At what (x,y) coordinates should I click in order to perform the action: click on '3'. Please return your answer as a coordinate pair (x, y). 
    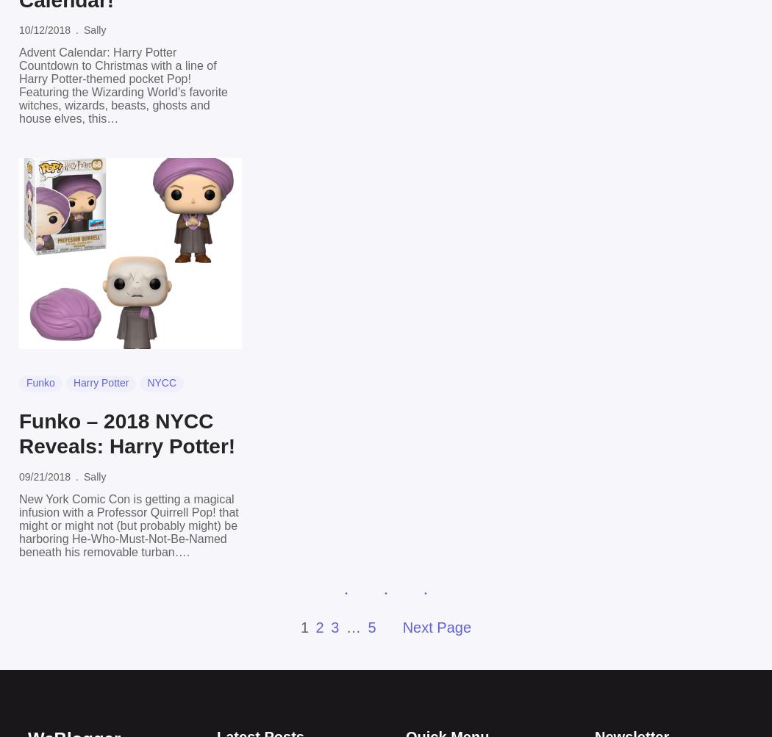
    Looking at the image, I should click on (335, 626).